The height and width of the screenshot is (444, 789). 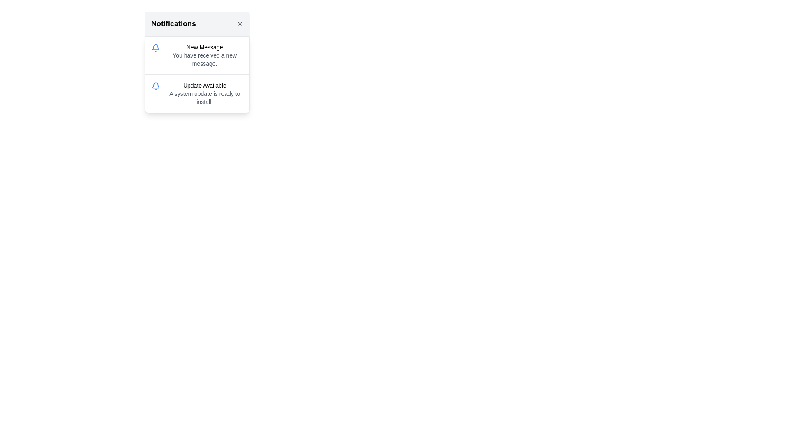 I want to click on the text label that displays 'You have received a new message.' located under the header 'New Message' in the notification box titled 'Notifications.', so click(x=205, y=59).